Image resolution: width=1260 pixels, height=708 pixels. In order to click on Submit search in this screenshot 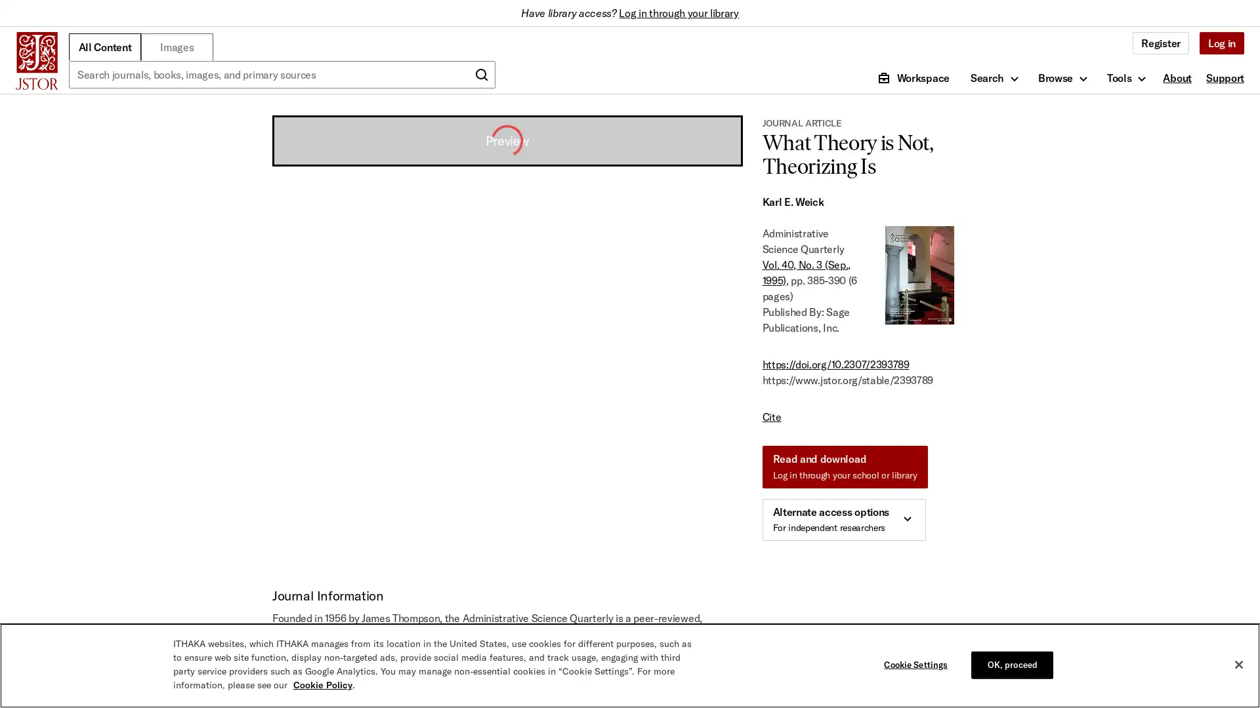, I will do `click(481, 75)`.